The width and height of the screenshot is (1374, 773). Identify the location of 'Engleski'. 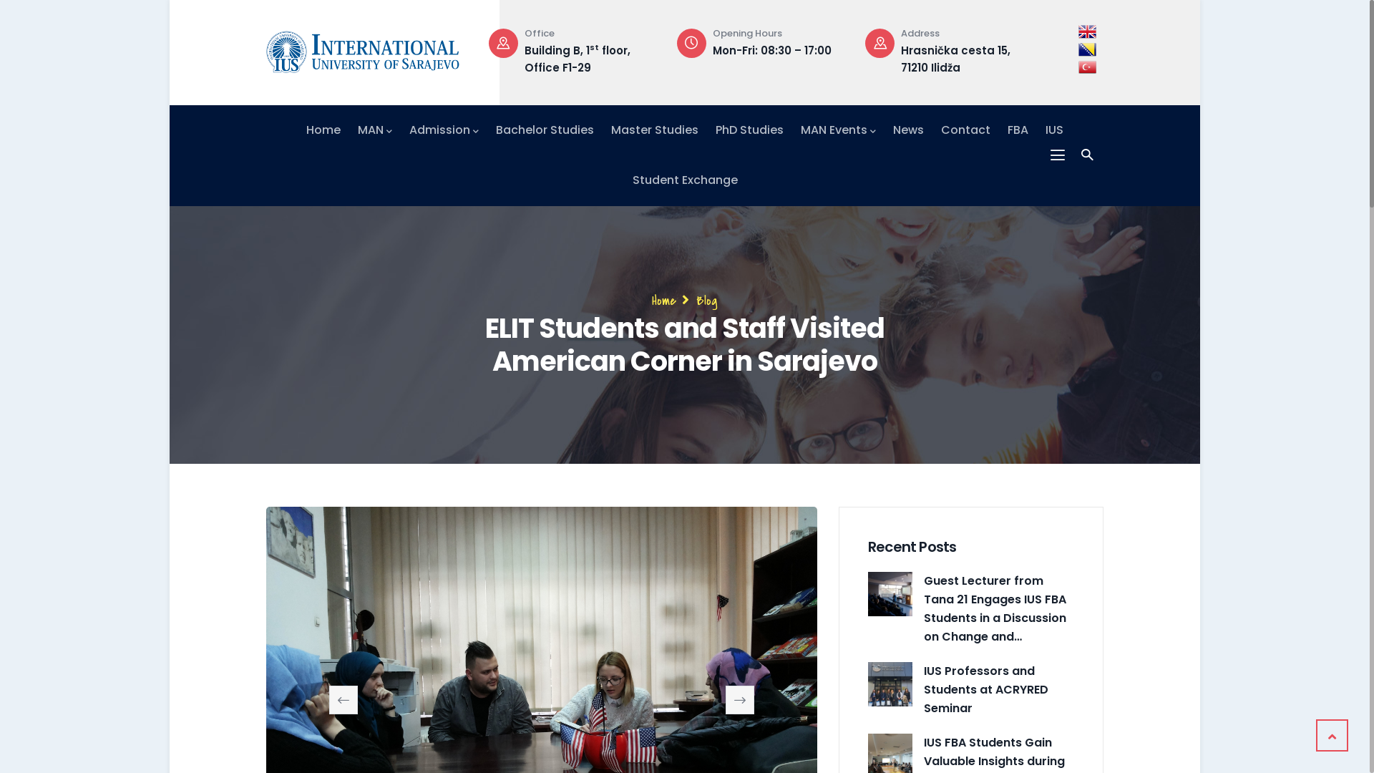
(1087, 31).